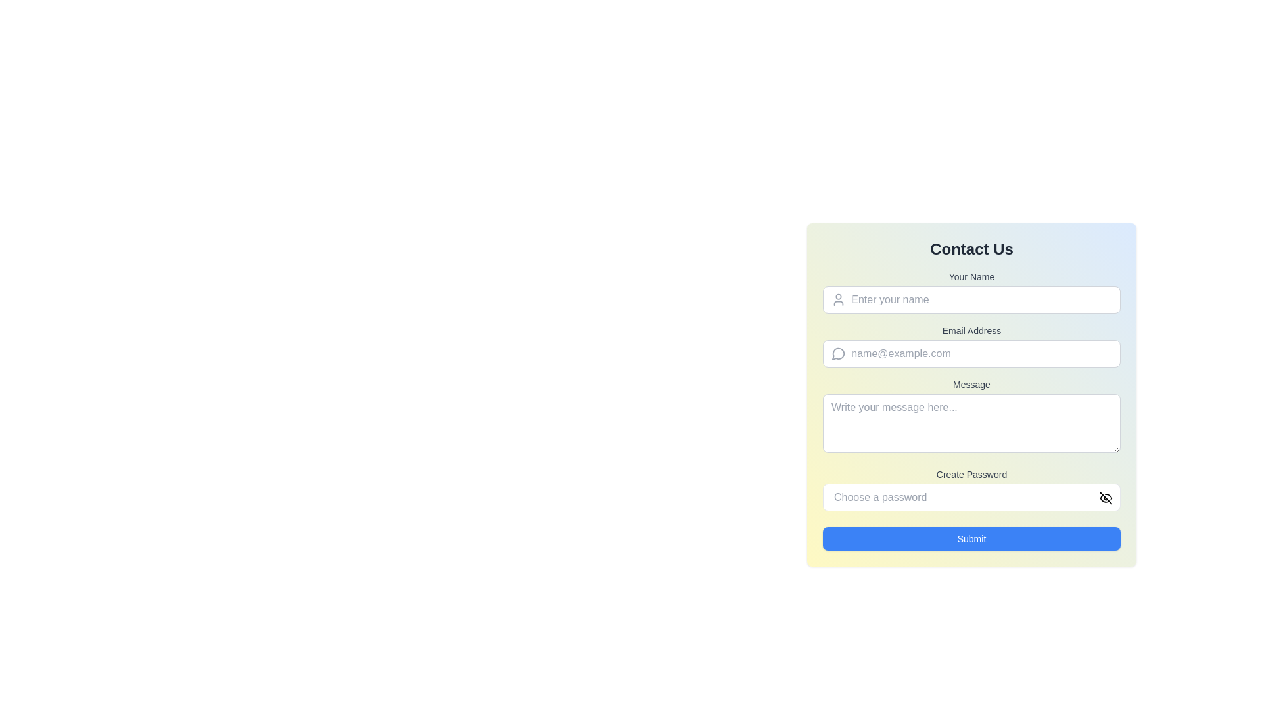 This screenshot has height=709, width=1262. I want to click on the text label displaying 'Email Address', which is styled in gray and located above the email input field, so click(971, 330).